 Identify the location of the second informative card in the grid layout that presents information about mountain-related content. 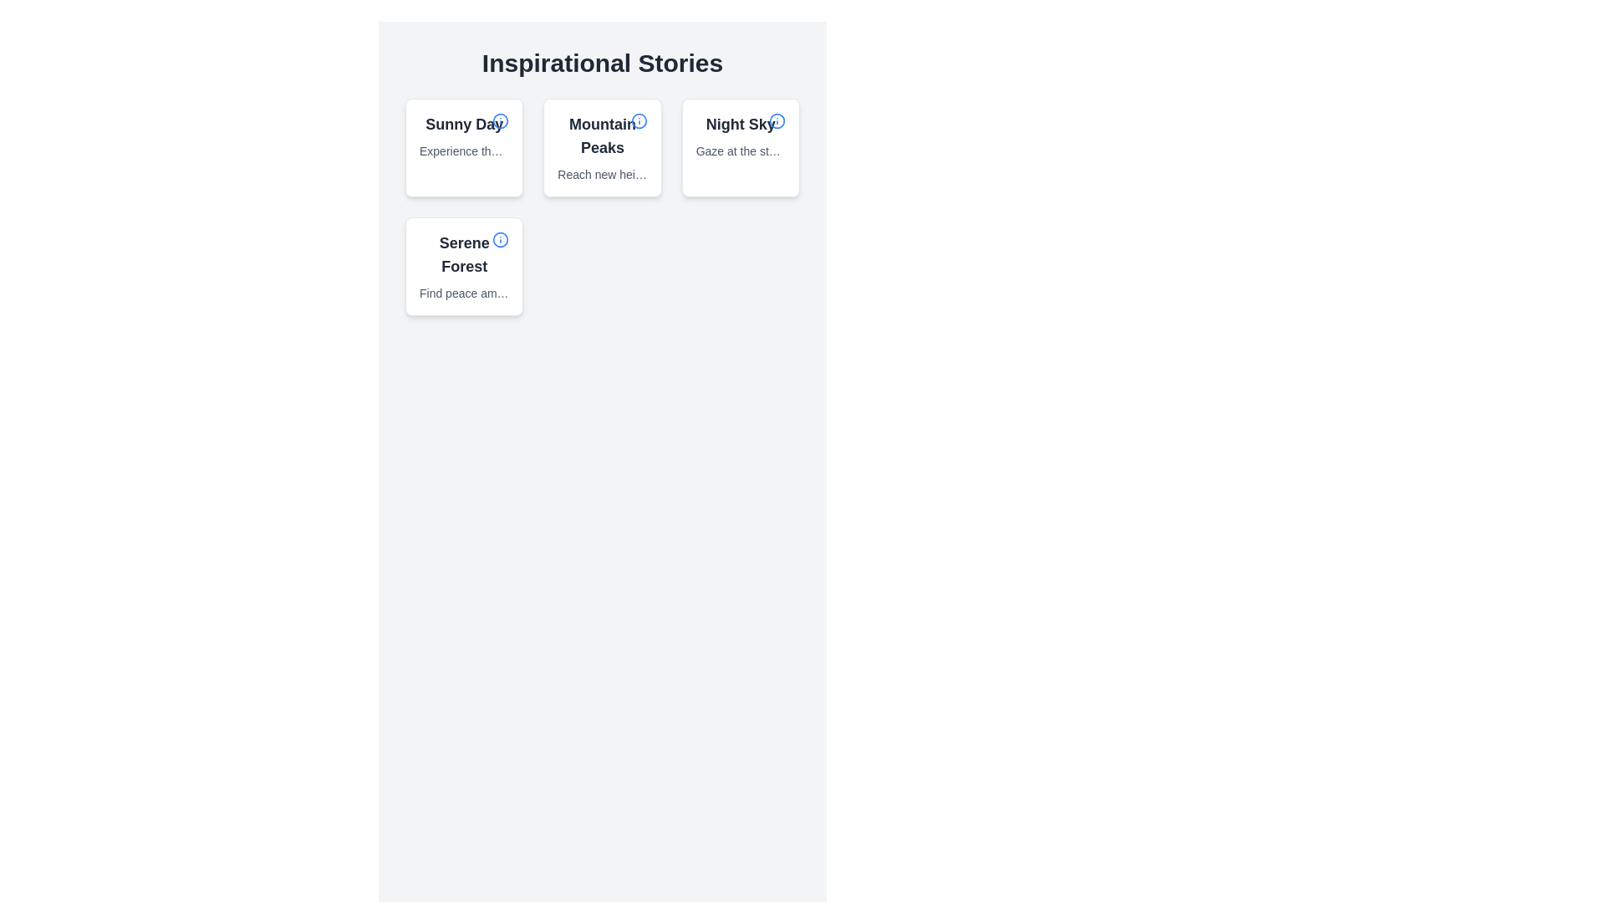
(602, 147).